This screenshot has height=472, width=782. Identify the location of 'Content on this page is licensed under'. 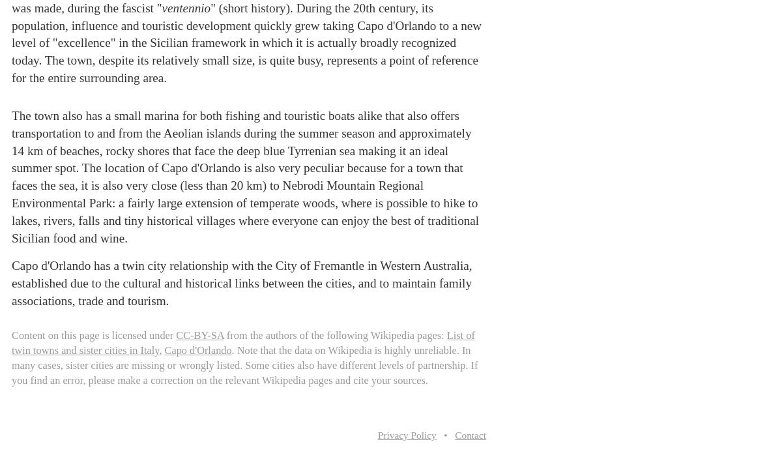
(94, 334).